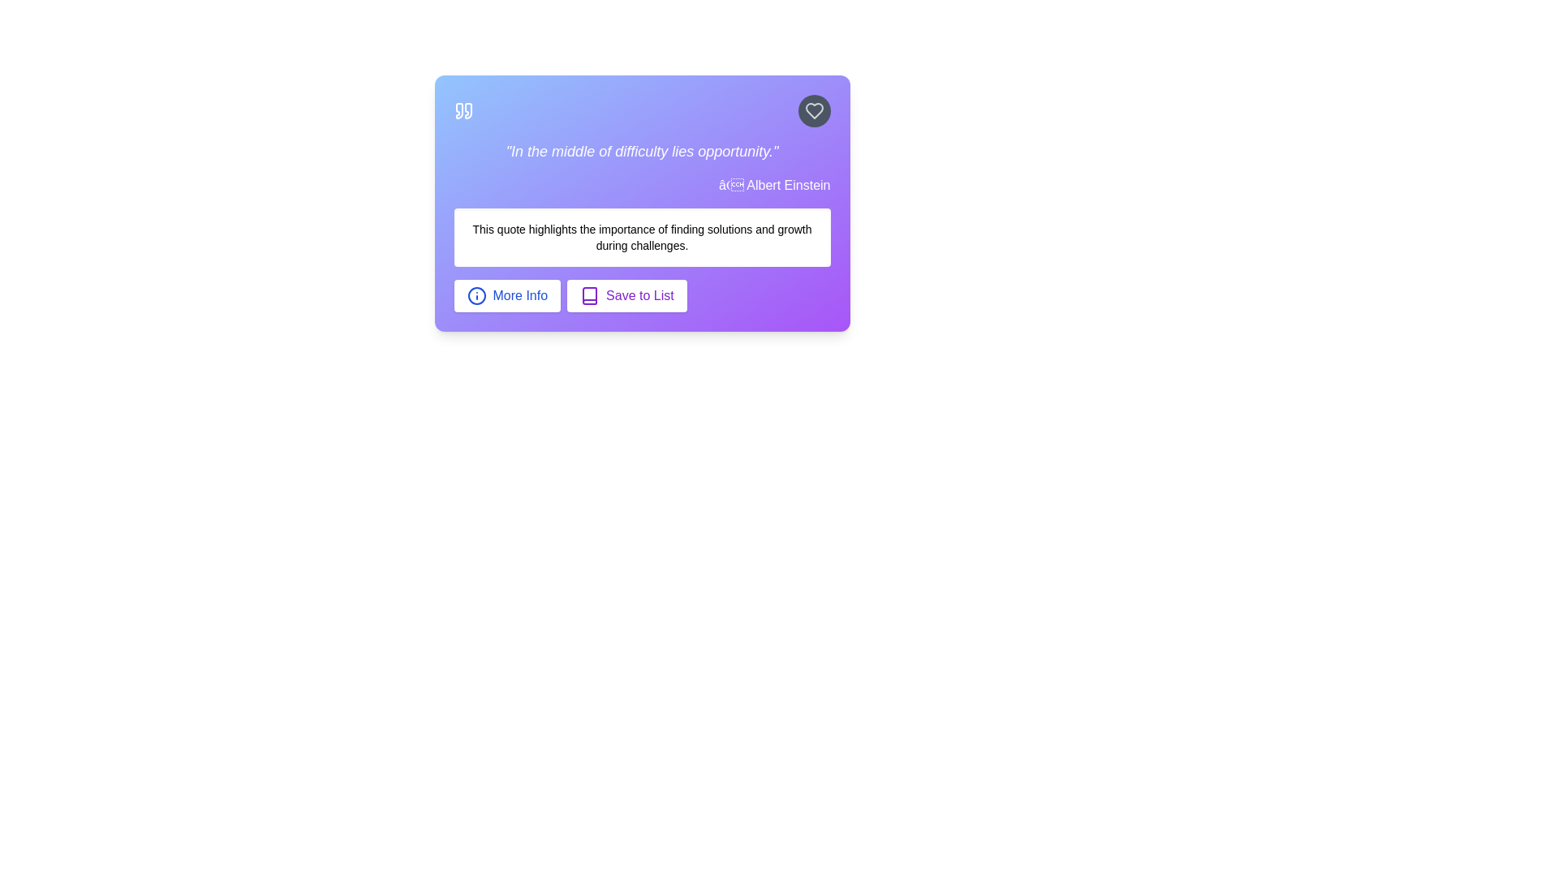 Image resolution: width=1558 pixels, height=876 pixels. Describe the element at coordinates (641, 151) in the screenshot. I see `the quote text that reads, '"In the middle of difficulty lies opportunity."' which is styled in italic and positioned centrally within its decorative card design` at that location.